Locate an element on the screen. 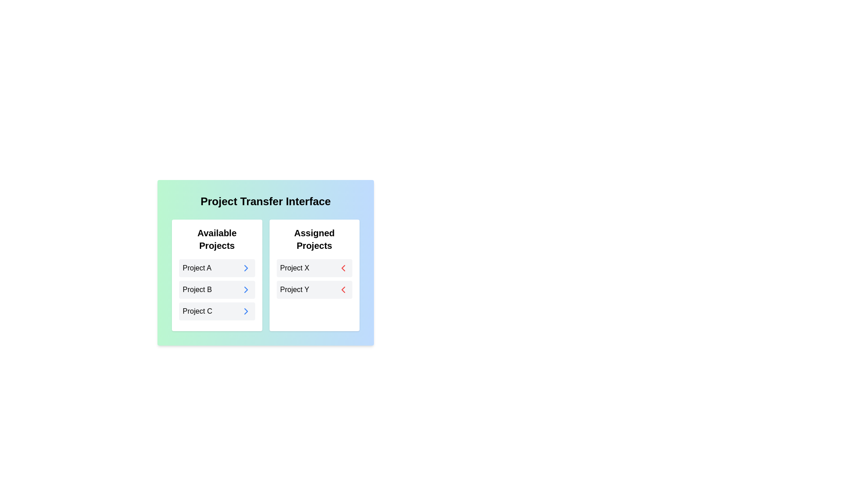  the blue chevron icon button located to the far-right side of the list item labeled 'Project A' in the 'Available Projects' section is located at coordinates (246, 268).